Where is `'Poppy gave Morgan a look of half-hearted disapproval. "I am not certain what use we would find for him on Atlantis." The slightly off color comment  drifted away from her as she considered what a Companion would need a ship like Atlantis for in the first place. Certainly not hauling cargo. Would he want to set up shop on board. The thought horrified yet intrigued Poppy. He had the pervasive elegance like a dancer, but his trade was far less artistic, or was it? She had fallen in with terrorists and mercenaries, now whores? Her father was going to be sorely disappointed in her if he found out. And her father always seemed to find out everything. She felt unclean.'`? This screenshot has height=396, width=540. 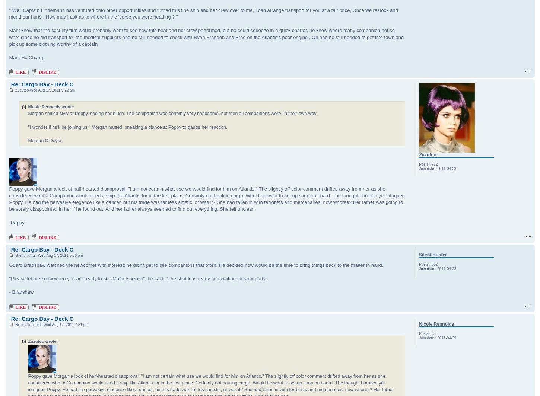 'Poppy gave Morgan a look of half-hearted disapproval. "I am not certain what use we would find for him on Atlantis." The slightly off color comment  drifted away from her as she considered what a Companion would need a ship like Atlantis for in the first place. Certainly not hauling cargo. Would he want to set up shop on board. The thought horrified yet intrigued Poppy. He had the pervasive elegance like a dancer, but his trade was far less artistic, or was it? She had fallen in with terrorists and mercenaries, now whores? Her father was going to be sorely disappointed in her if he found out. And her father always seemed to find out everything. She felt unclean.' is located at coordinates (207, 199).